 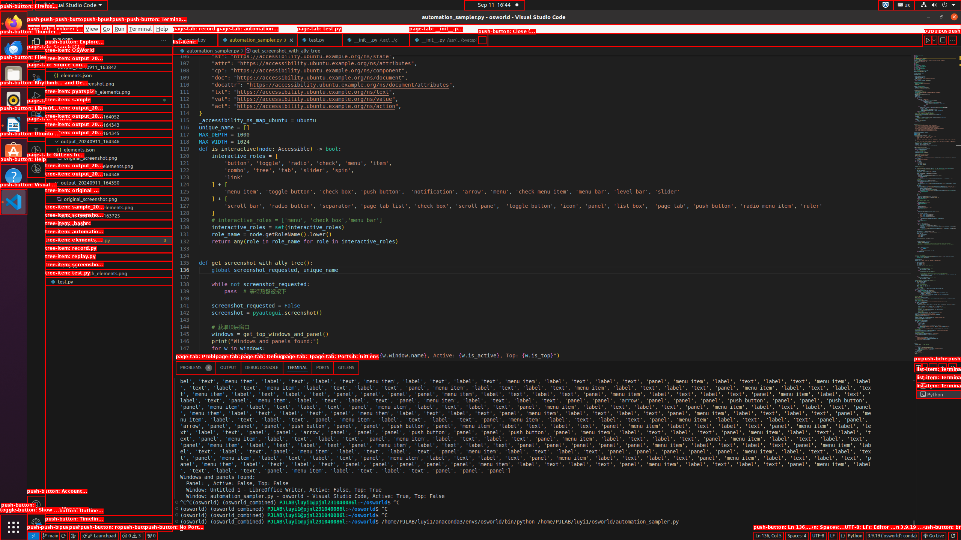 I want to click on 'test.py', so click(x=108, y=281).